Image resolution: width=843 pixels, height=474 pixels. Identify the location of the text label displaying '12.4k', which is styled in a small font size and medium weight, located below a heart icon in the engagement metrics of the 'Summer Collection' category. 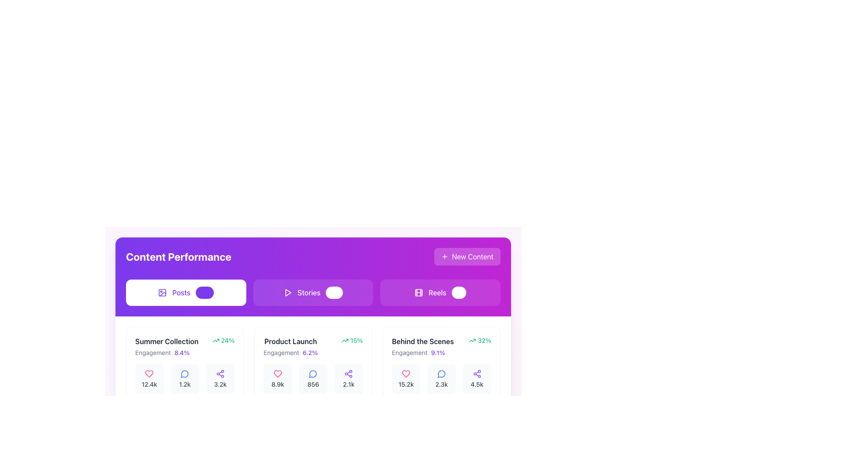
(149, 384).